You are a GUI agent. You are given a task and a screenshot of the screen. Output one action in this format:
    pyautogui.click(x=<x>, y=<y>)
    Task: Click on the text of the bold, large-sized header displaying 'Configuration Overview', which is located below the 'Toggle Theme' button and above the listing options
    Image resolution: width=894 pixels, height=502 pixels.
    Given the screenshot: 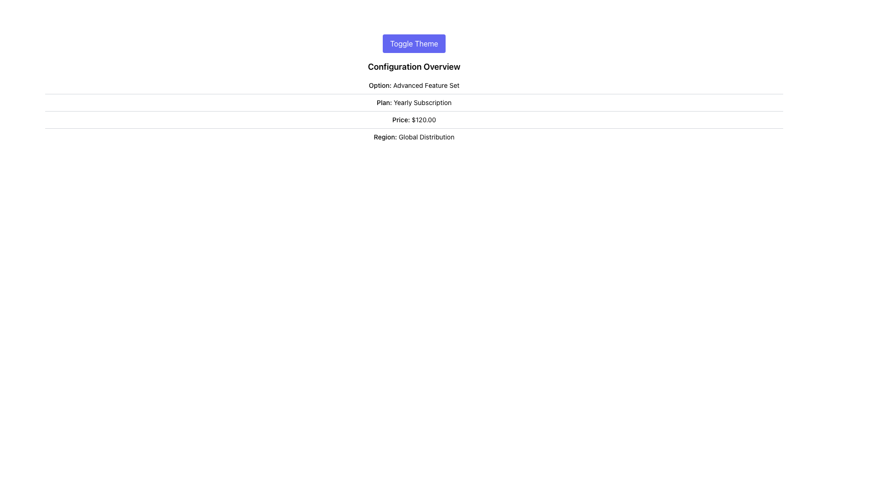 What is the action you would take?
    pyautogui.click(x=413, y=66)
    